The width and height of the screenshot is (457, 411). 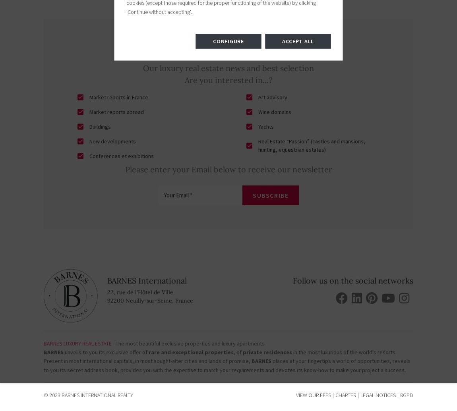 What do you see at coordinates (313, 395) in the screenshot?
I see `'View our fees'` at bounding box center [313, 395].